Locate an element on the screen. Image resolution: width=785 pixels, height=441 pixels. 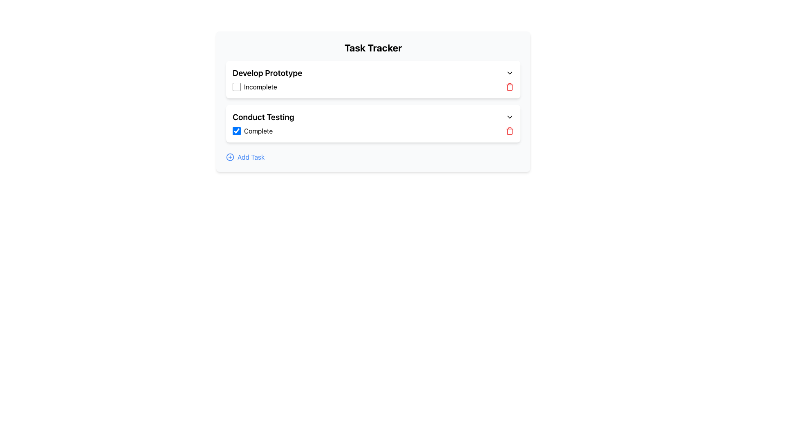
the red trash can icon button located at the end of the 'Conduct Testing' task row is located at coordinates (509, 130).